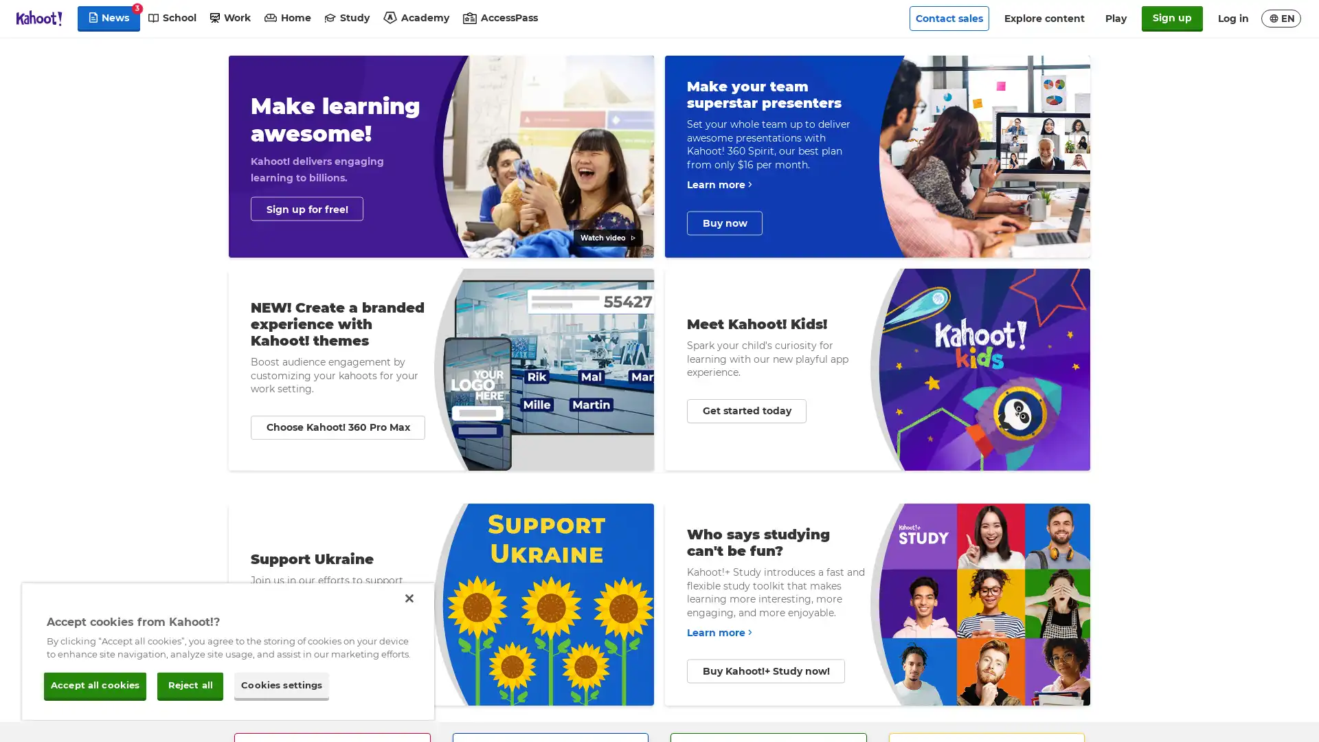 The image size is (1319, 742). What do you see at coordinates (190, 684) in the screenshot?
I see `Reject all` at bounding box center [190, 684].